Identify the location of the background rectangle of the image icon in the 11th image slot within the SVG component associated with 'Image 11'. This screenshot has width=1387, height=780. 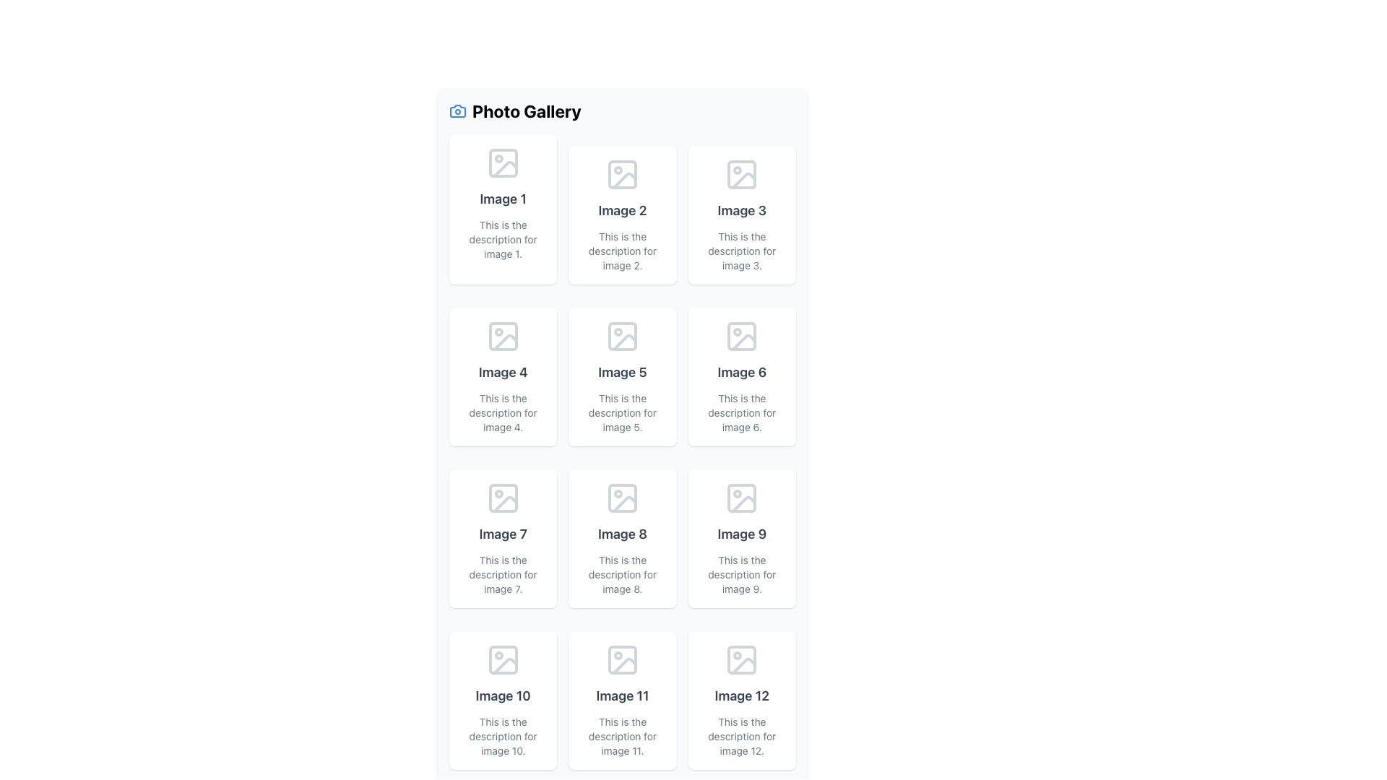
(622, 660).